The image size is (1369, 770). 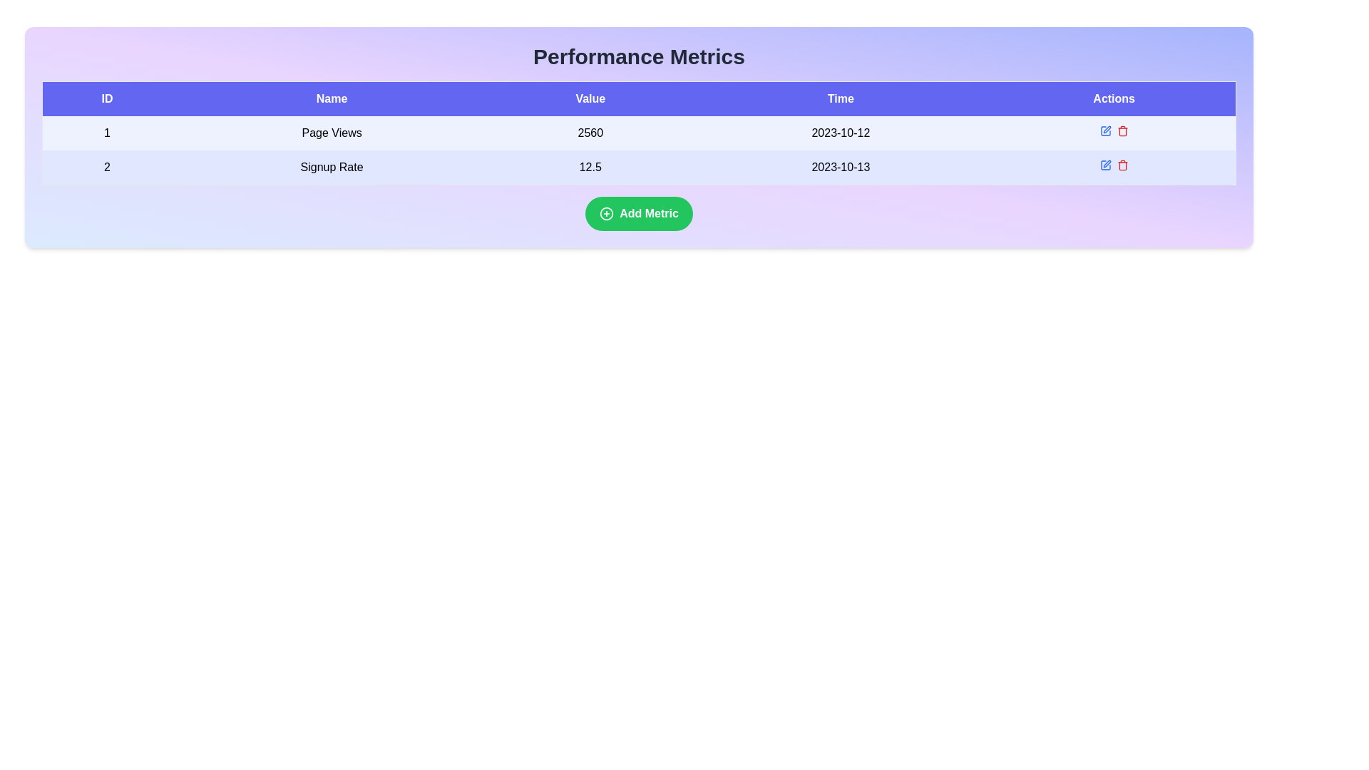 What do you see at coordinates (841, 98) in the screenshot?
I see `the 'Time' text header, which is the fourth header in a horizontal row within a header bar that has a purple background and white text` at bounding box center [841, 98].